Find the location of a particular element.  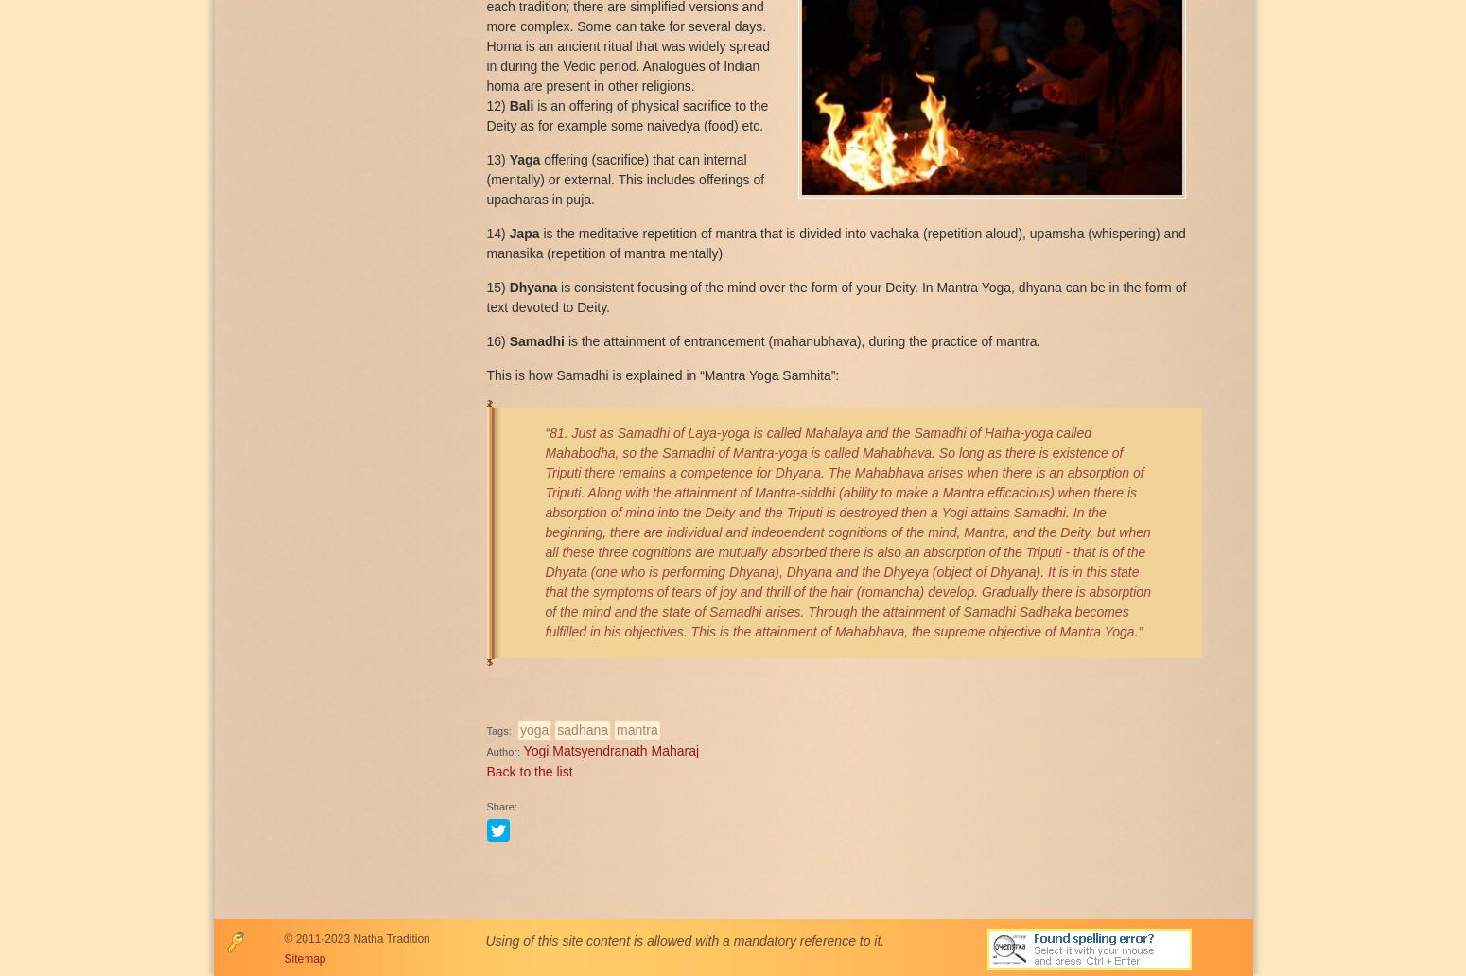

'is an offering of physical sacrifice to the Deity as for example some naivedya (food) etc.' is located at coordinates (625, 114).